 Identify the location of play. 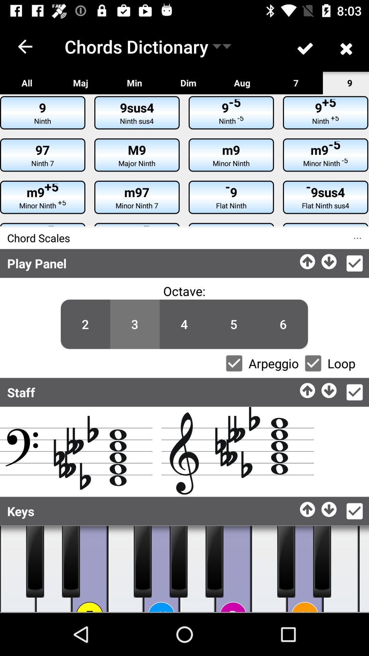
(53, 569).